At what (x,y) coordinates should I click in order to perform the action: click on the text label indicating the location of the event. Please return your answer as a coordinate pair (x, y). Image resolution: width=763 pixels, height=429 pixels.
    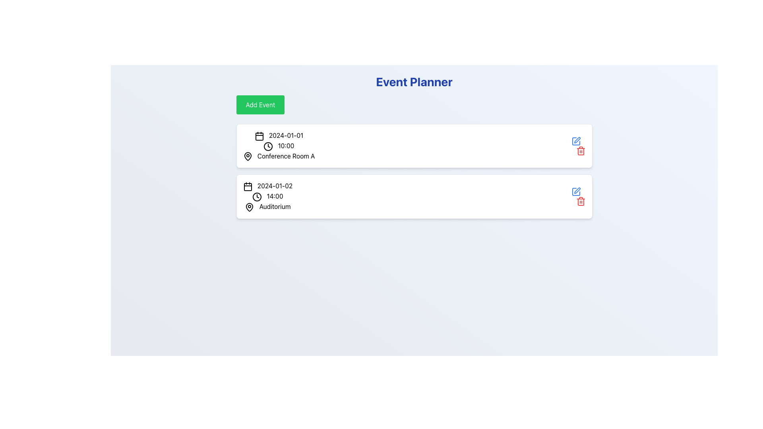
    Looking at the image, I should click on (279, 156).